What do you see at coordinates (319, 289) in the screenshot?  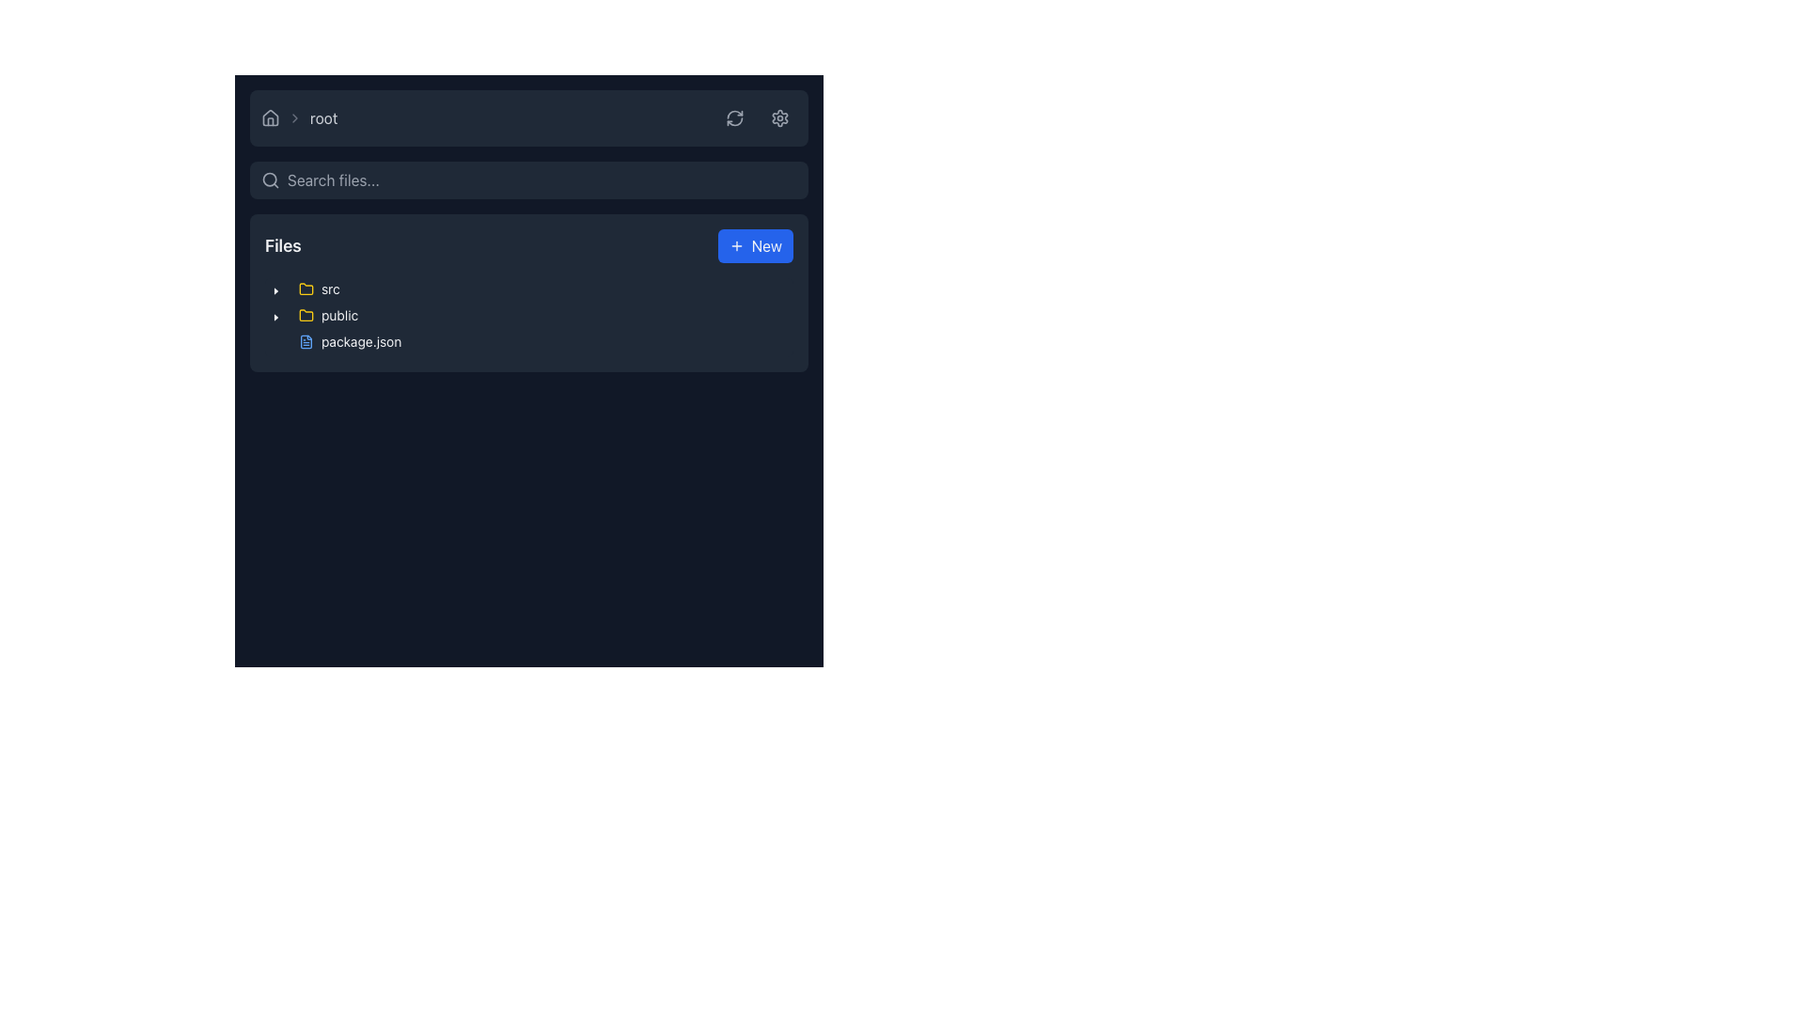 I see `the folder entry named 'src' in the file tree structure` at bounding box center [319, 289].